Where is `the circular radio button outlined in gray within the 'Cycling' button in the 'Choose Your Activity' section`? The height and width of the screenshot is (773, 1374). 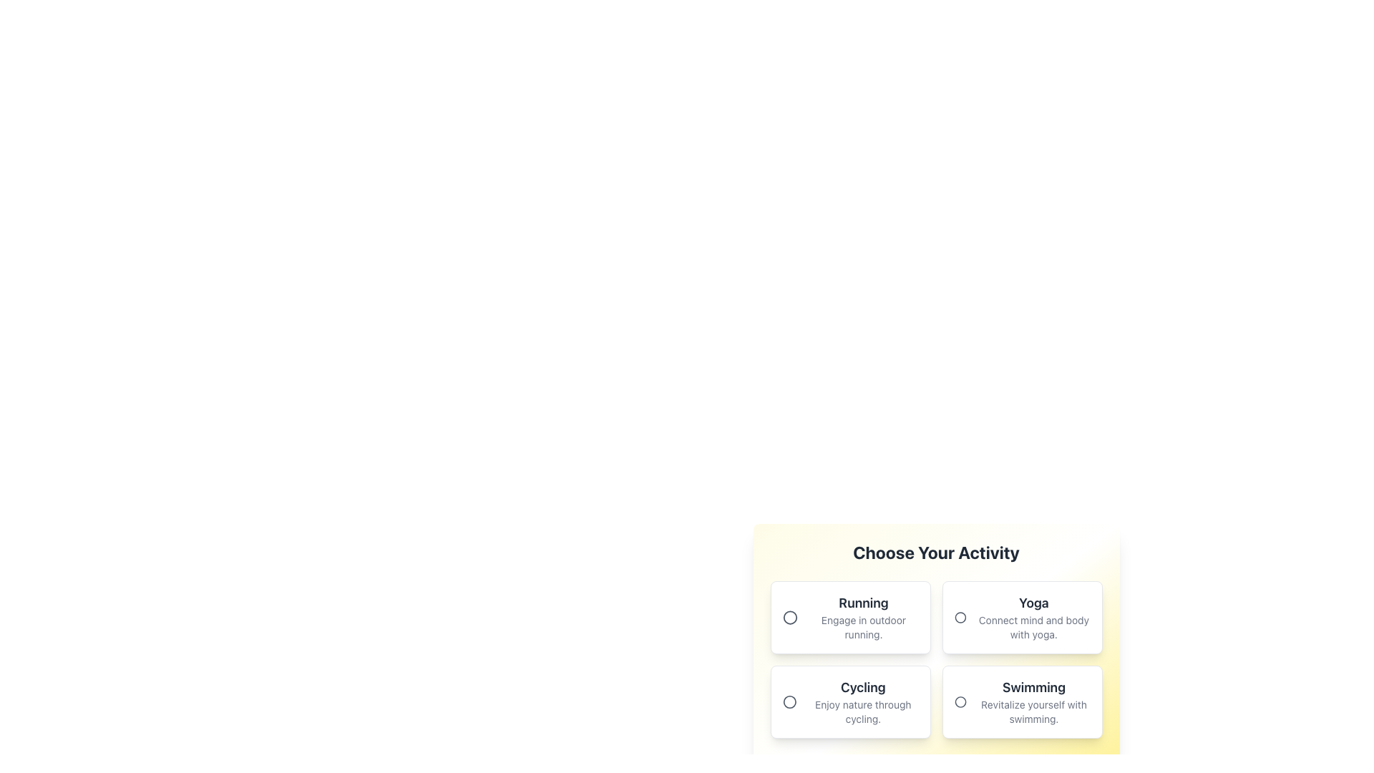
the circular radio button outlined in gray within the 'Cycling' button in the 'Choose Your Activity' section is located at coordinates (789, 701).